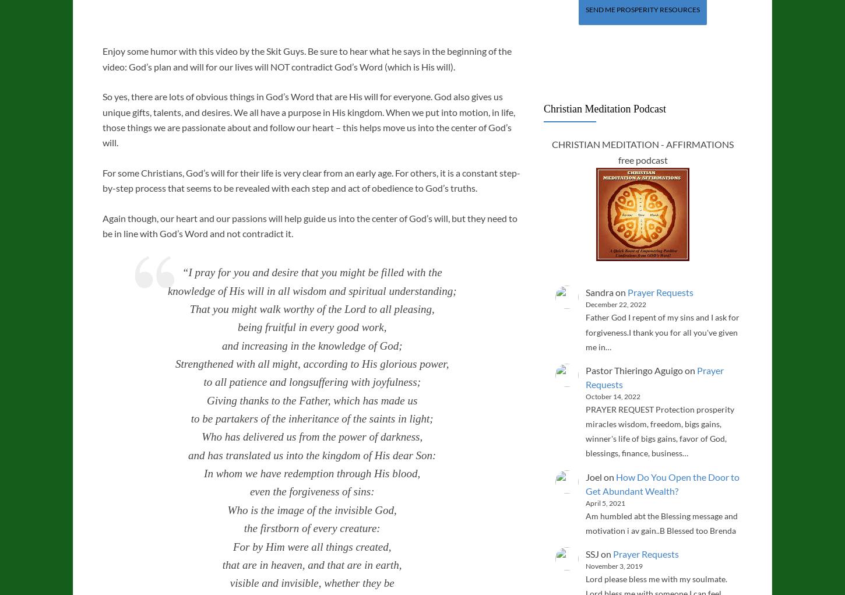 The width and height of the screenshot is (845, 595). What do you see at coordinates (311, 179) in the screenshot?
I see `'For some Christians, God’s will for their life is very clear from an early age. For others, it is a constant step-by-step process that seems to be revealed with each step and act of obedience to God’s truths.'` at bounding box center [311, 179].